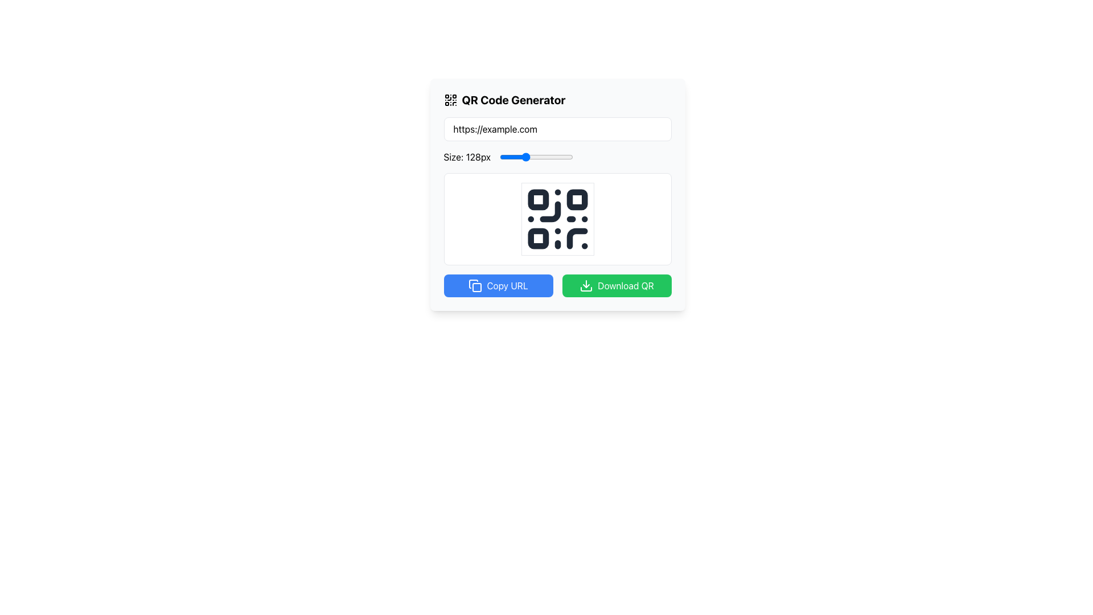 This screenshot has height=615, width=1093. I want to click on the QR code size, so click(517, 157).